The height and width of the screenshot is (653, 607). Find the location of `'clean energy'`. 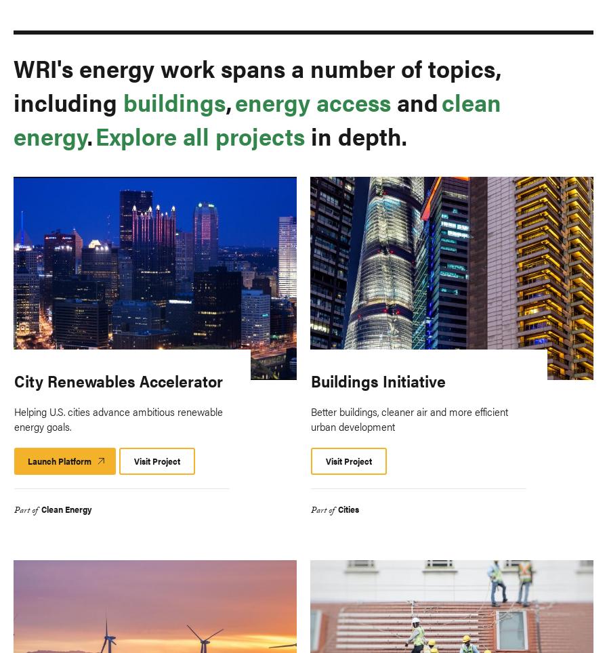

'clean energy' is located at coordinates (257, 117).